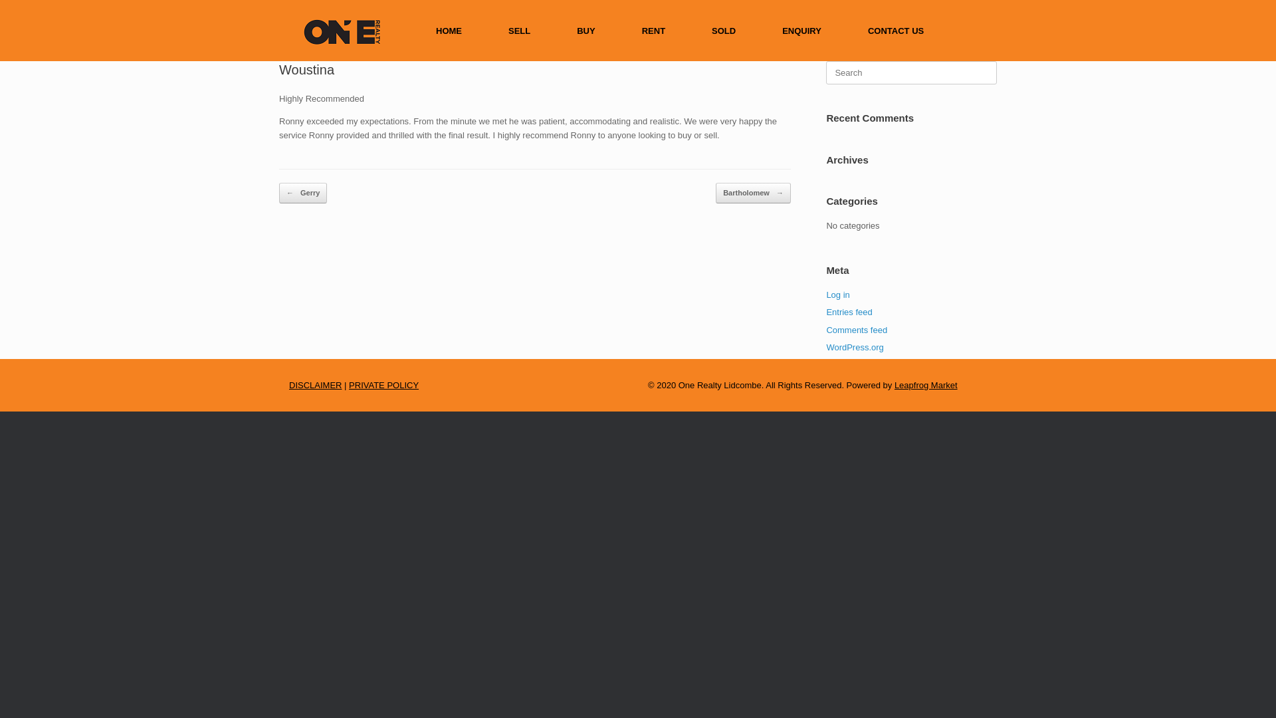 The width and height of the screenshot is (1276, 718). I want to click on 'SELL', so click(518, 30).